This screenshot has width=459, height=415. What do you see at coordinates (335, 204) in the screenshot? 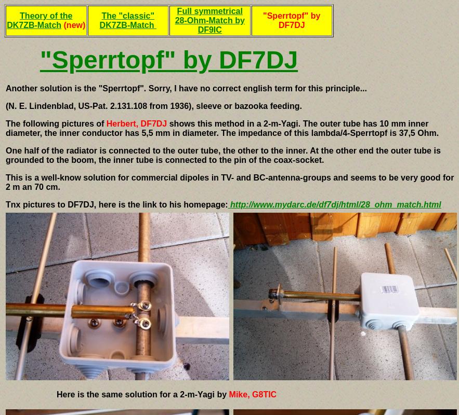
I see `'http://www.mydarc.de/df7dj/html/28_ohm_match.html'` at bounding box center [335, 204].